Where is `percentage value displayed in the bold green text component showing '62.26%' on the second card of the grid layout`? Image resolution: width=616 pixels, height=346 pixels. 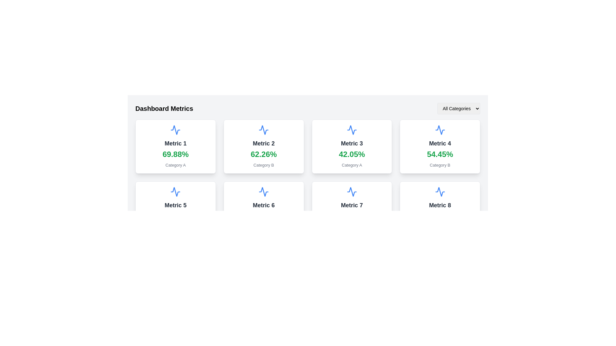 percentage value displayed in the bold green text component showing '62.26%' on the second card of the grid layout is located at coordinates (264, 154).